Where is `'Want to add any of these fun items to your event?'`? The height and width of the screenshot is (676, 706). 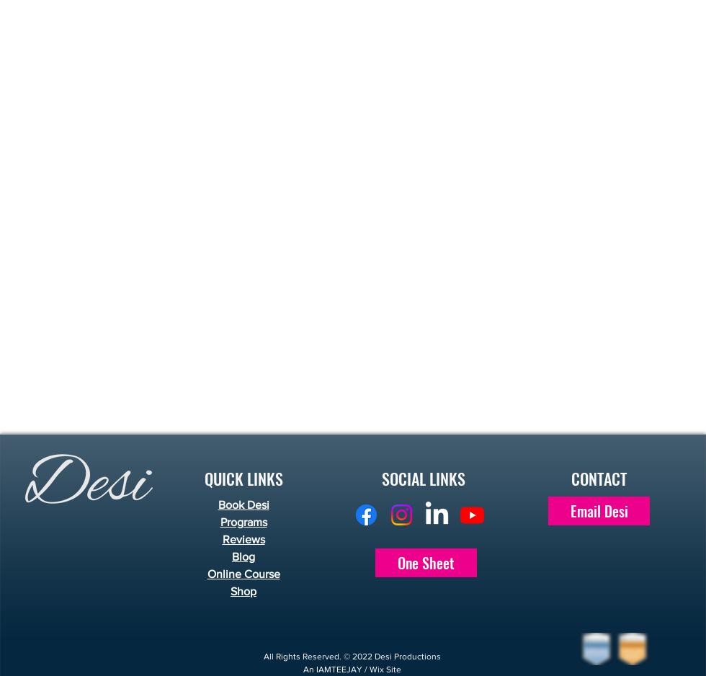
'Want to add any of these fun items to your event?' is located at coordinates (539, 205).